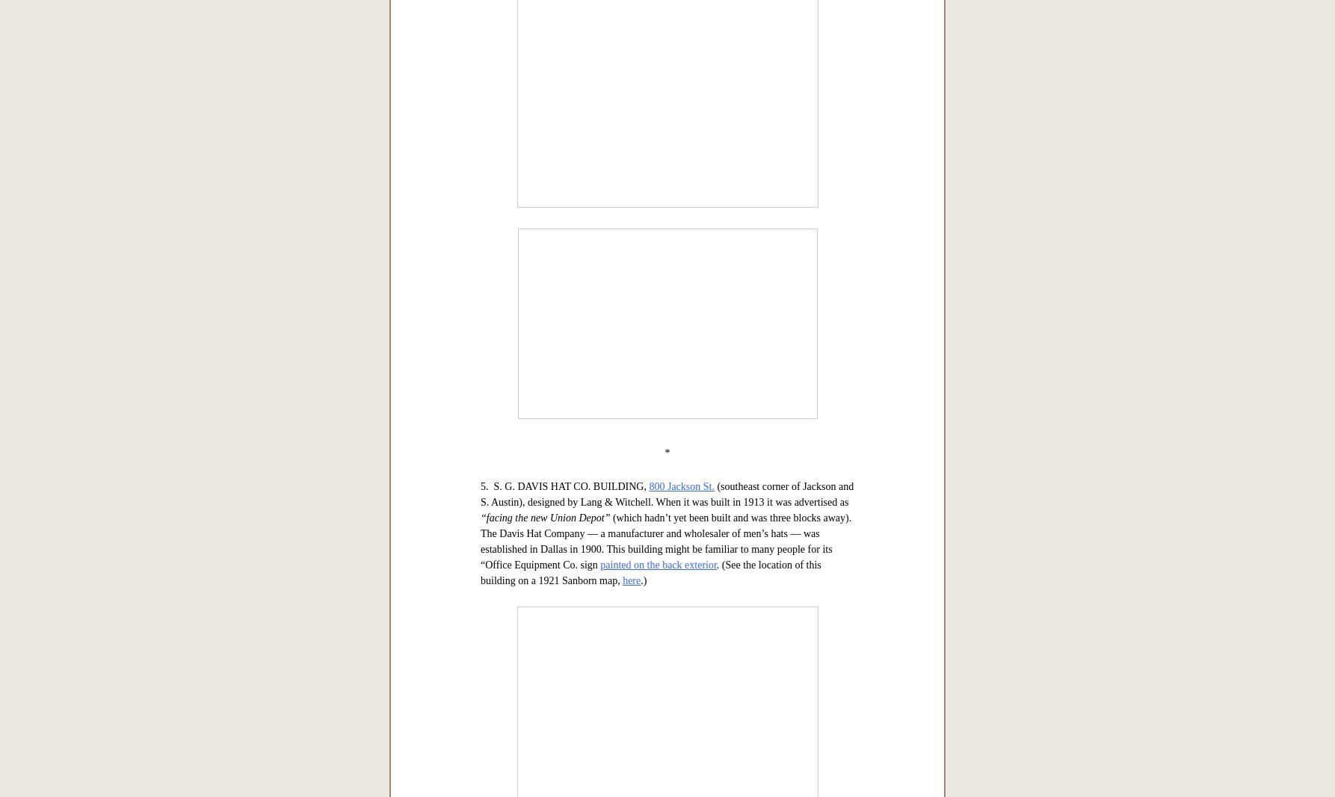 The width and height of the screenshot is (1335, 797). I want to click on '*', so click(666, 184).